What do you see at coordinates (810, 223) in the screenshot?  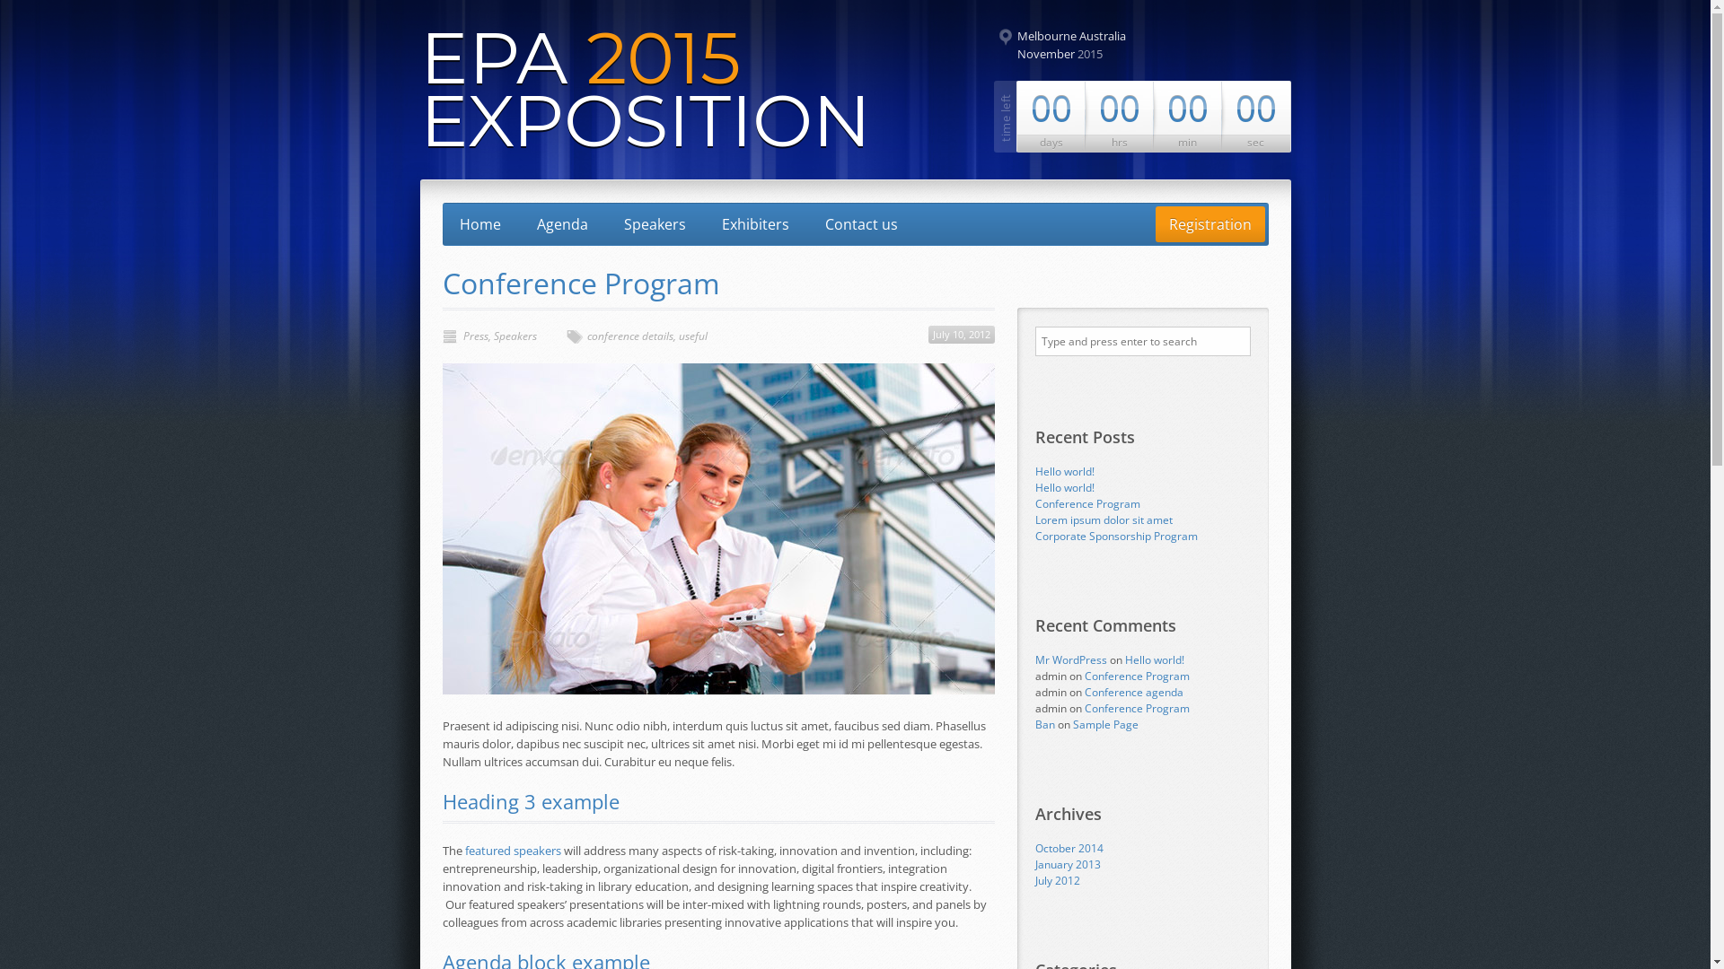 I see `'Contact us'` at bounding box center [810, 223].